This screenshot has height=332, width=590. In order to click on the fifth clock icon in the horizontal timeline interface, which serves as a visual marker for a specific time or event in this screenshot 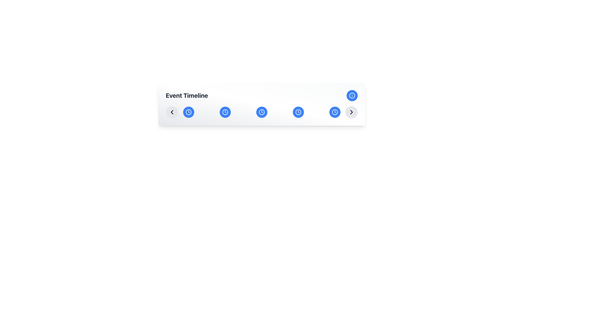, I will do `click(298, 112)`.